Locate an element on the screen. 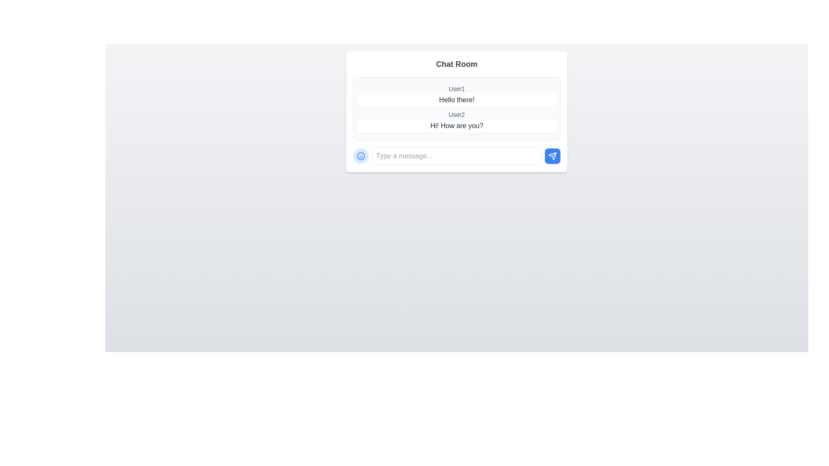 This screenshot has height=466, width=829. message displayed in the white, rounded rectangle text box containing the text 'Hi! How are you?' below 'Hello there!' from 'User1' in the chat interface is located at coordinates (456, 126).